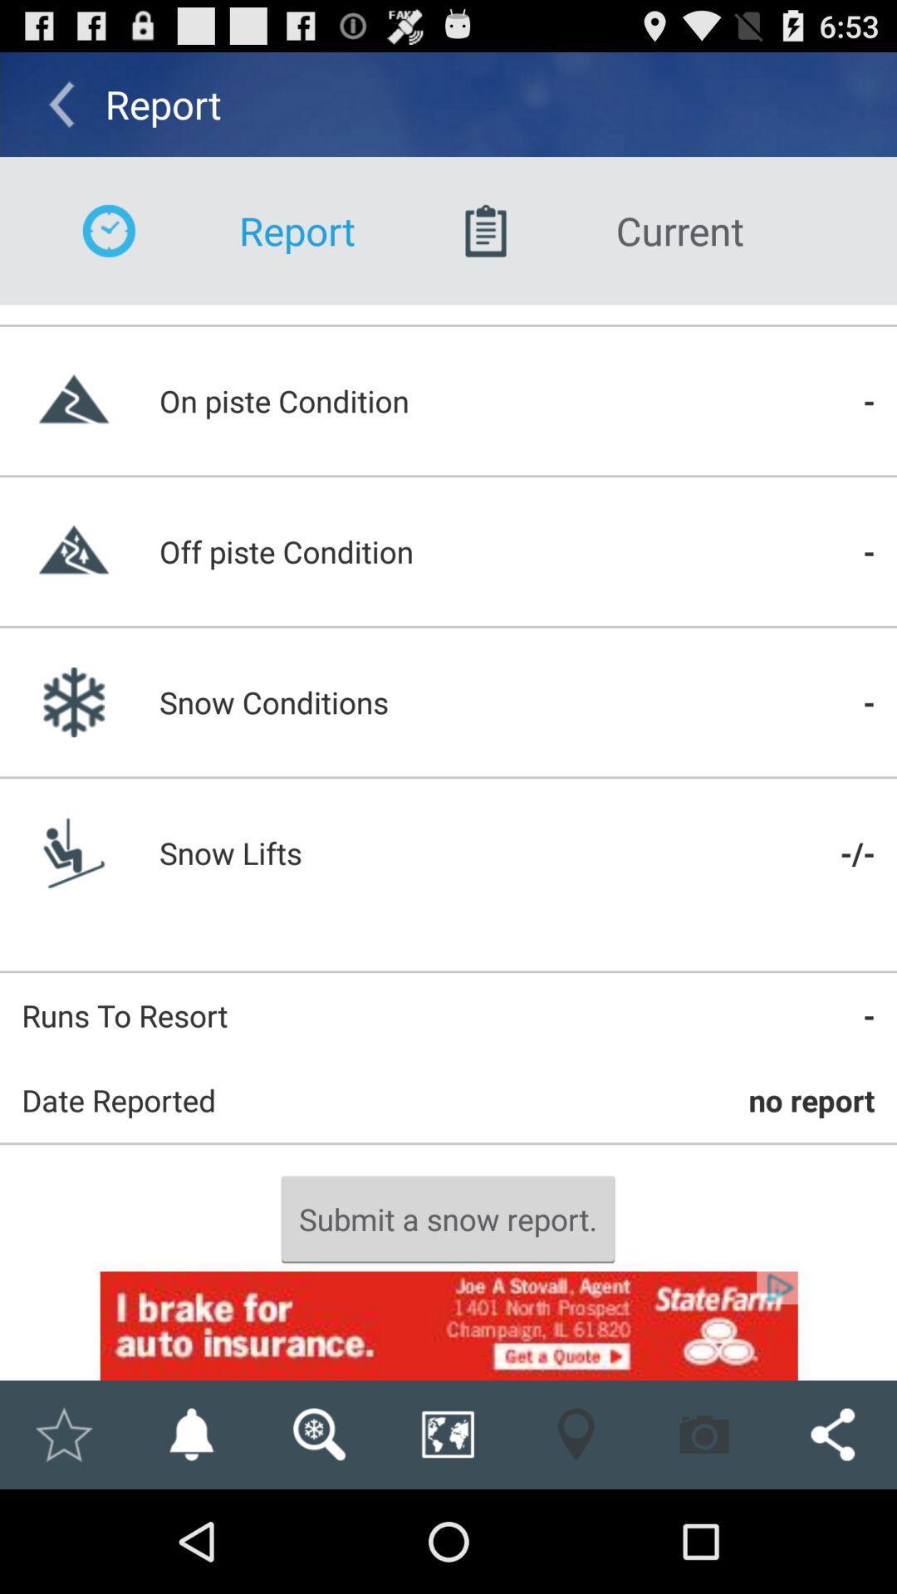 The image size is (897, 1594). Describe the element at coordinates (448, 1325) in the screenshot. I see `to view add` at that location.